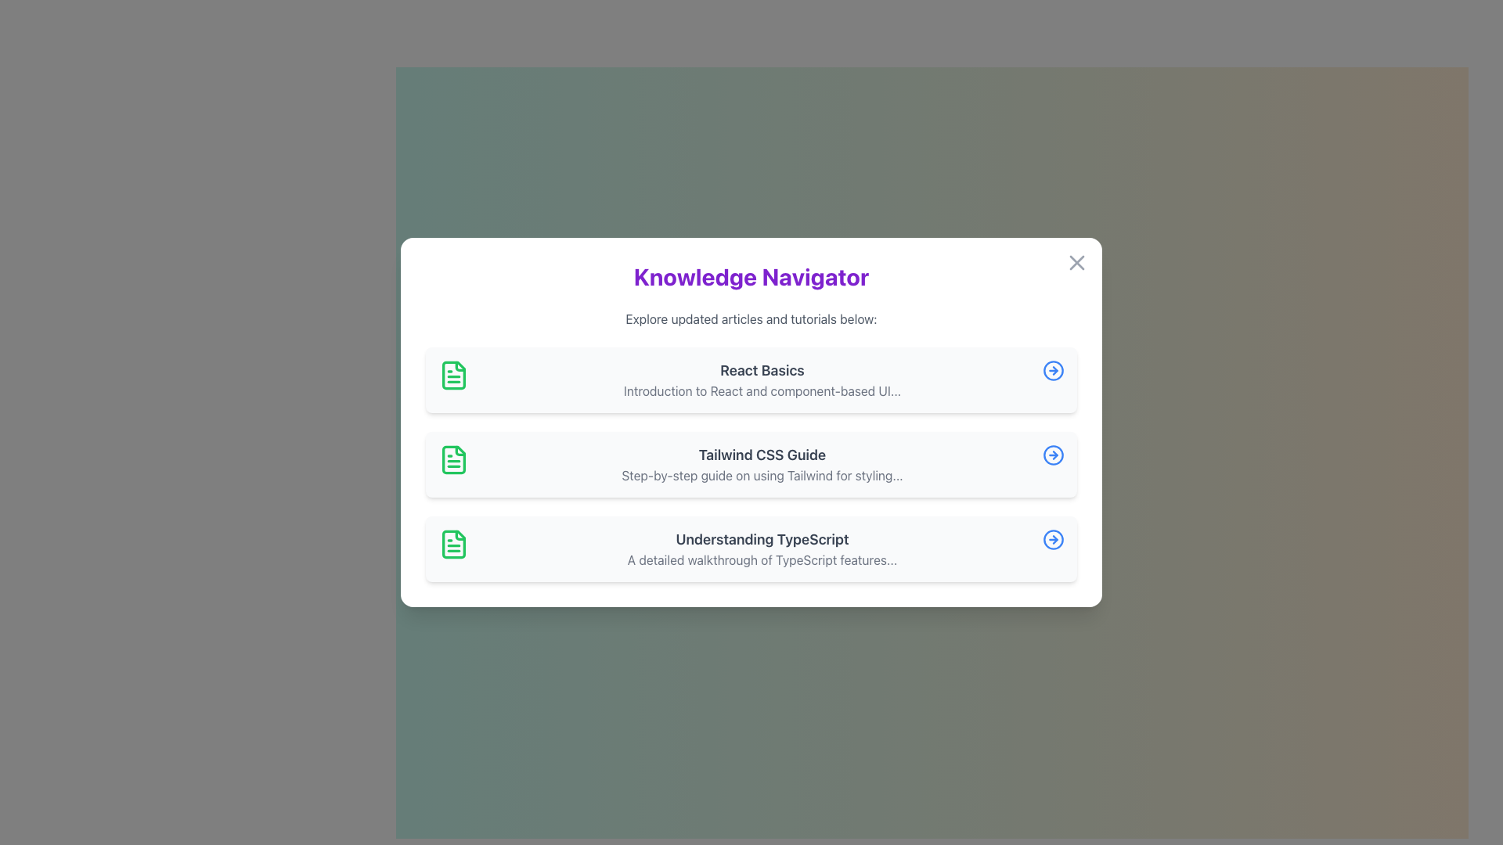 This screenshot has height=845, width=1503. Describe the element at coordinates (751, 548) in the screenshot. I see `the title of the informational row element that provides an overview of the 'Understanding TypeScript' topic` at that location.